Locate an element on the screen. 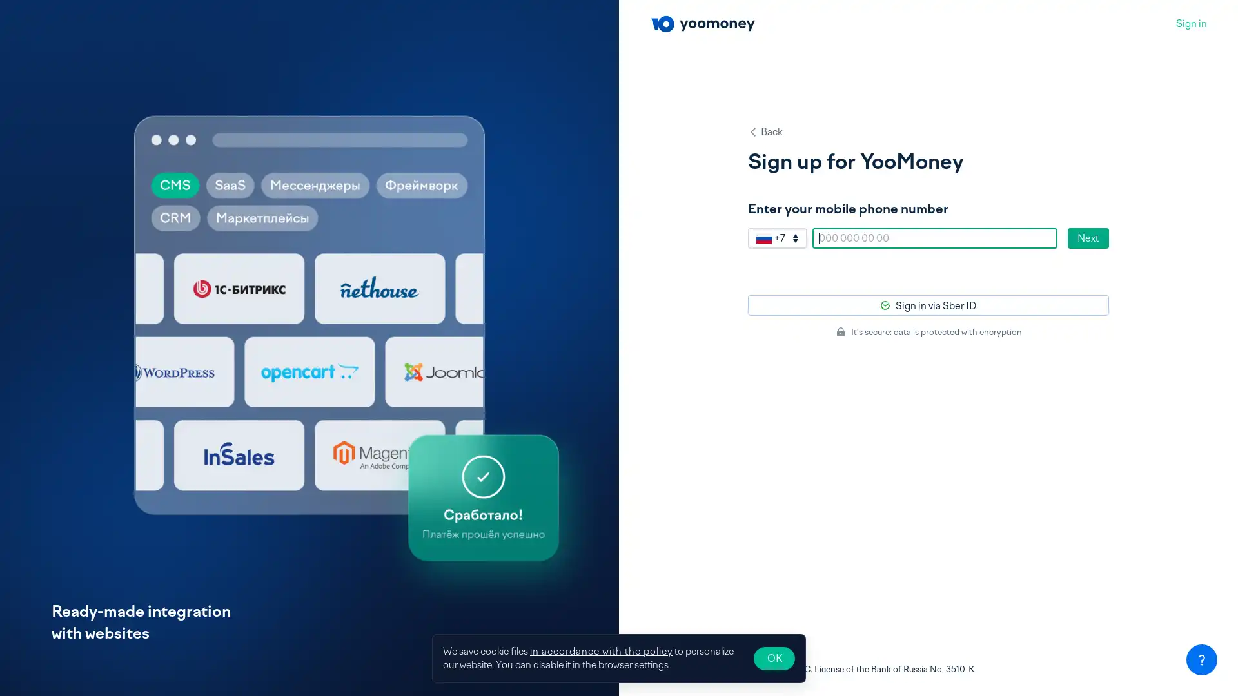 The width and height of the screenshot is (1238, 696). Next is located at coordinates (1088, 238).